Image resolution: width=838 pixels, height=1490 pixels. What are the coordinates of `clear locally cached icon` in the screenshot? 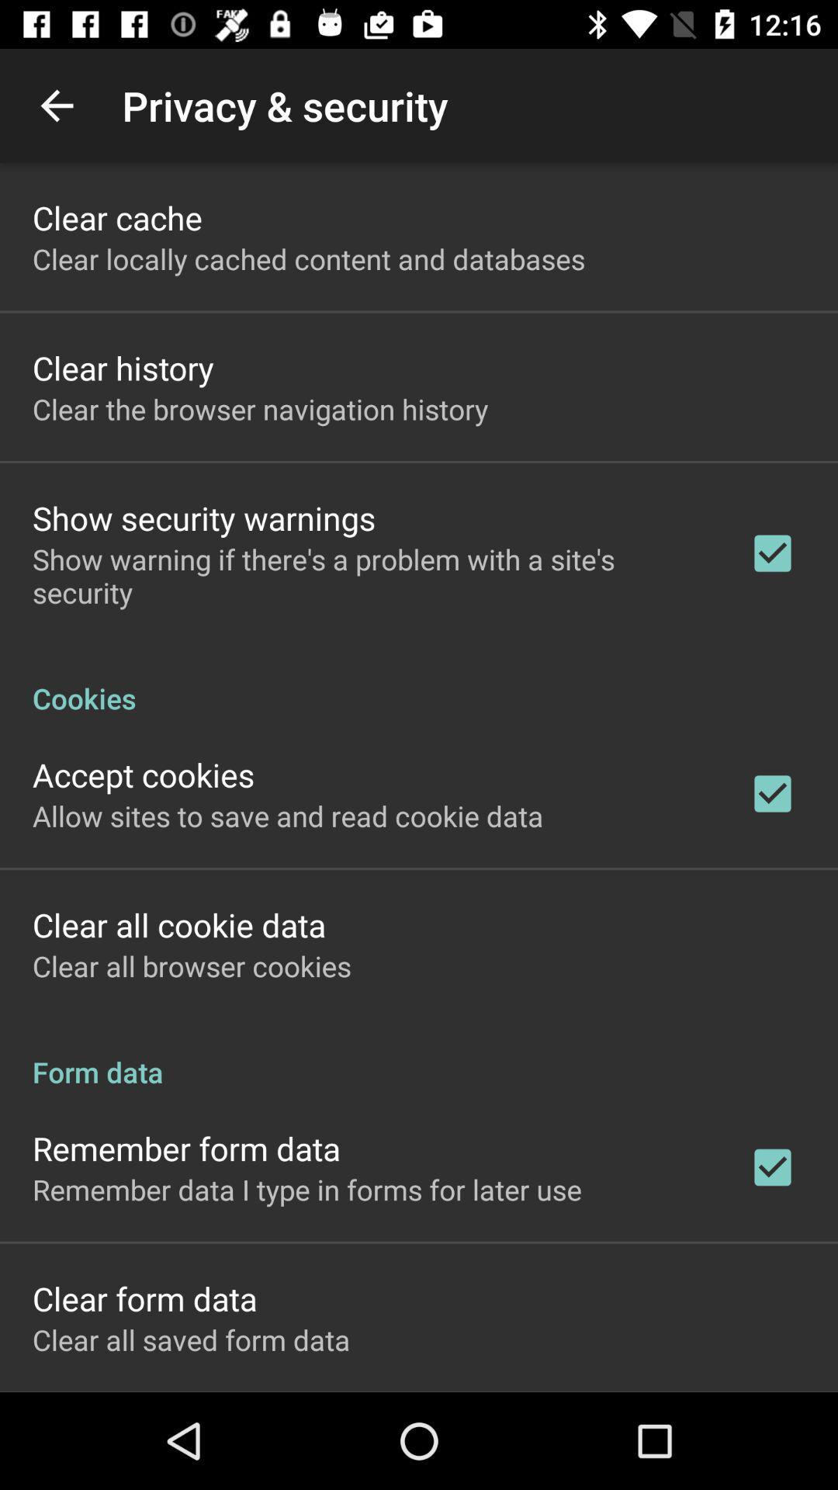 It's located at (309, 258).